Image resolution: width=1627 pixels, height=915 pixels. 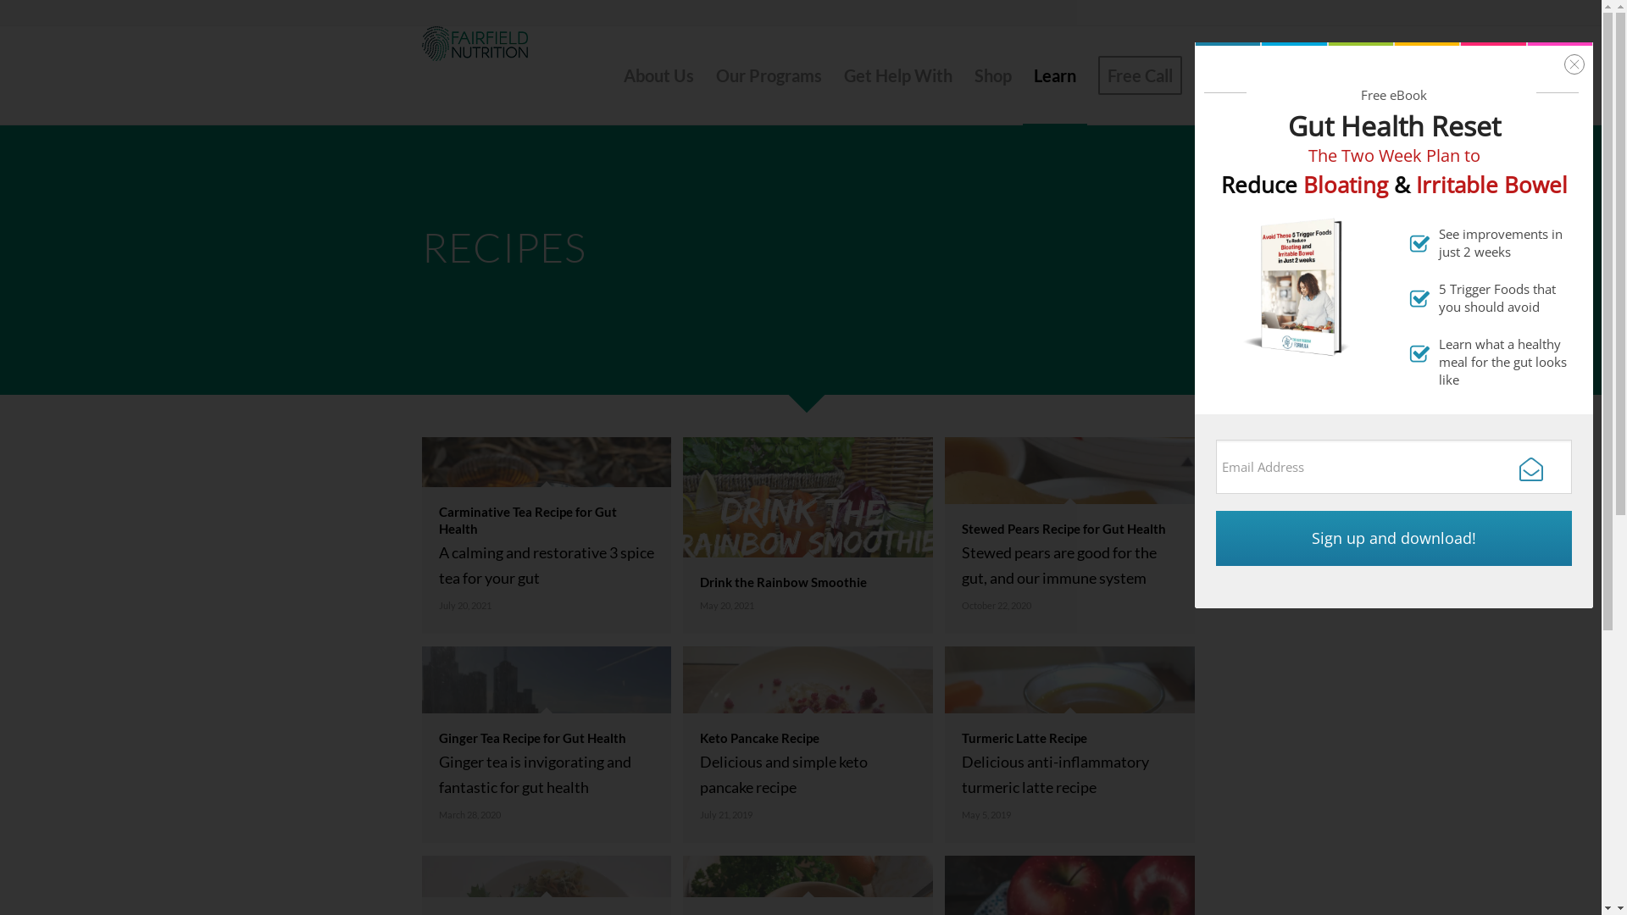 I want to click on 'Sign up and download!', so click(x=1394, y=538).